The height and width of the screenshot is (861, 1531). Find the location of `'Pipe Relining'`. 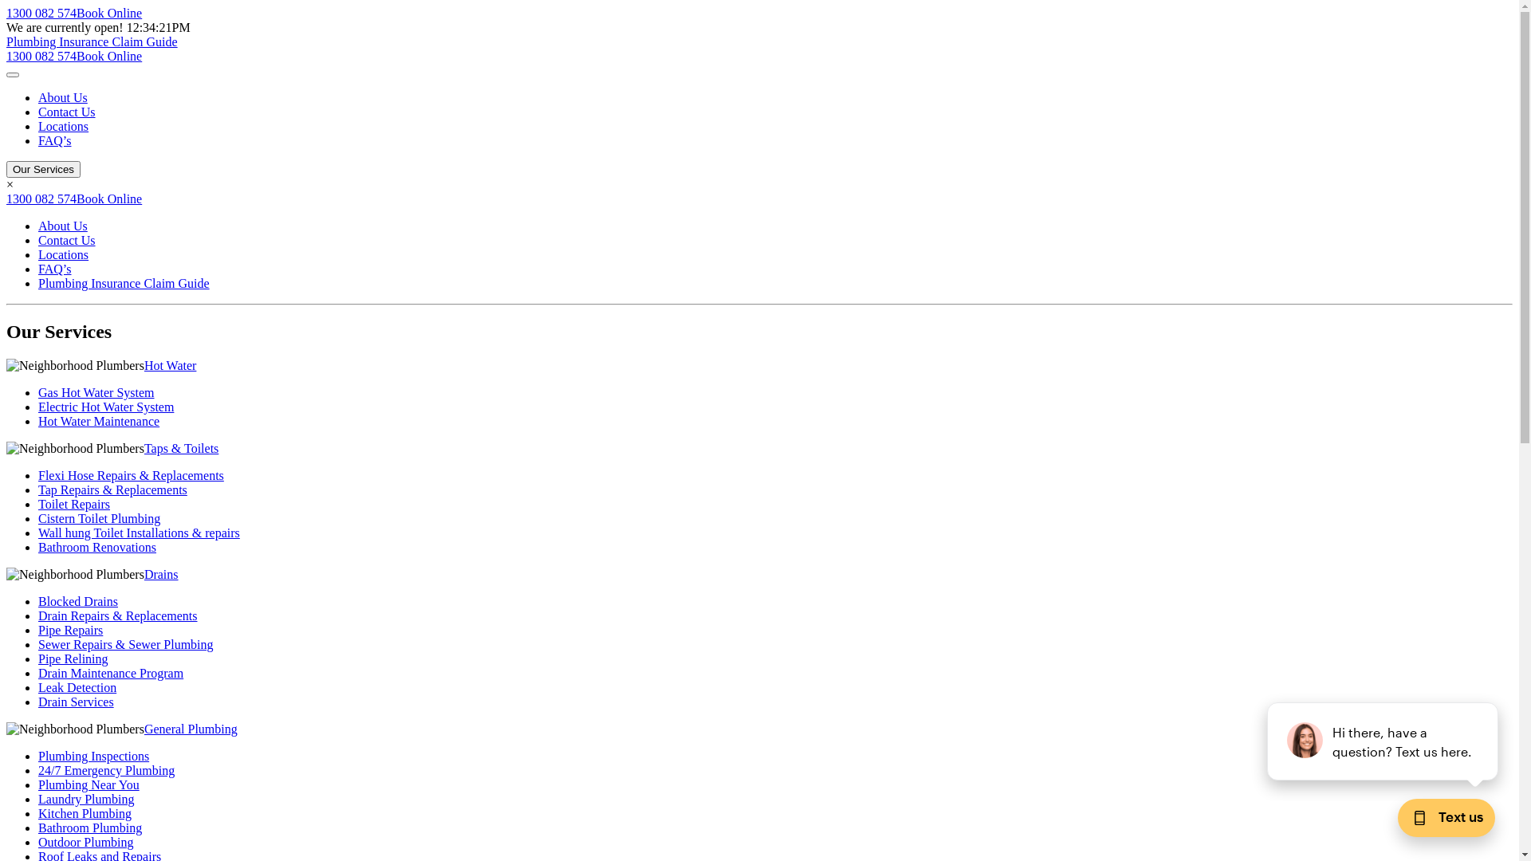

'Pipe Relining' is located at coordinates (72, 659).